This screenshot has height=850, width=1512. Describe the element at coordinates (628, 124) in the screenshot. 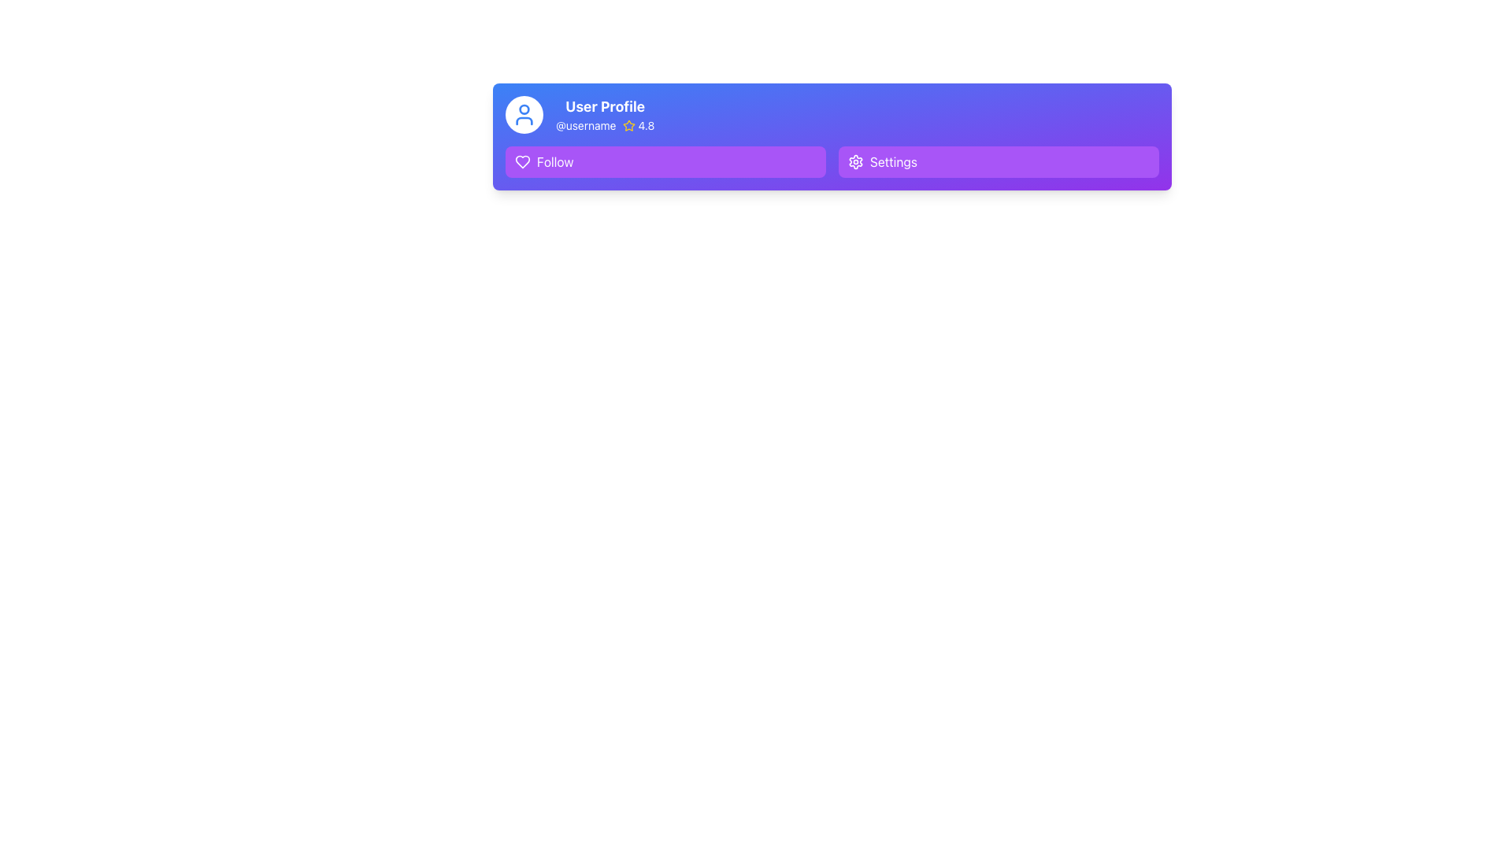

I see `the popularity rating icon located beside the username text in the user profile header, adjacent to the text '4.8'` at that location.